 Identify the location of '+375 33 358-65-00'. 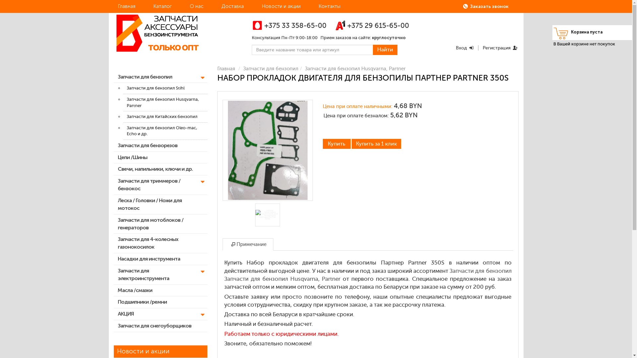
(289, 25).